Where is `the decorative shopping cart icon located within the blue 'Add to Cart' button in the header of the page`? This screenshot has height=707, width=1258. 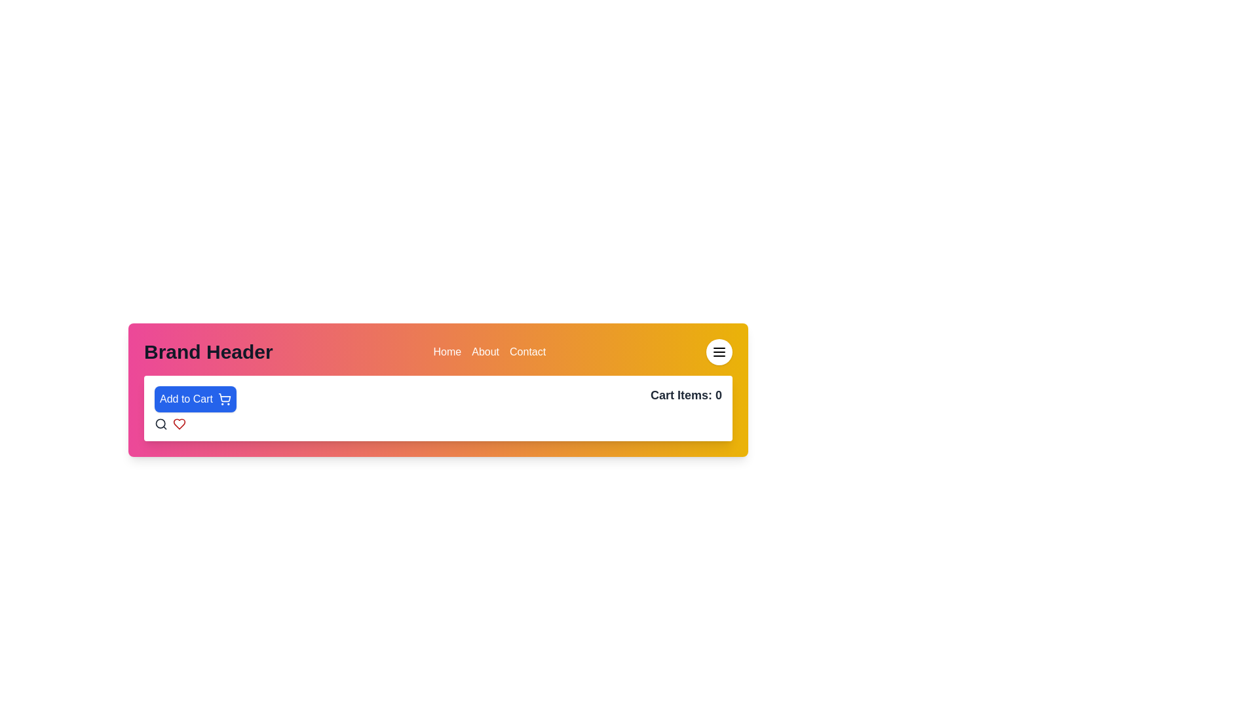
the decorative shopping cart icon located within the blue 'Add to Cart' button in the header of the page is located at coordinates (224, 397).